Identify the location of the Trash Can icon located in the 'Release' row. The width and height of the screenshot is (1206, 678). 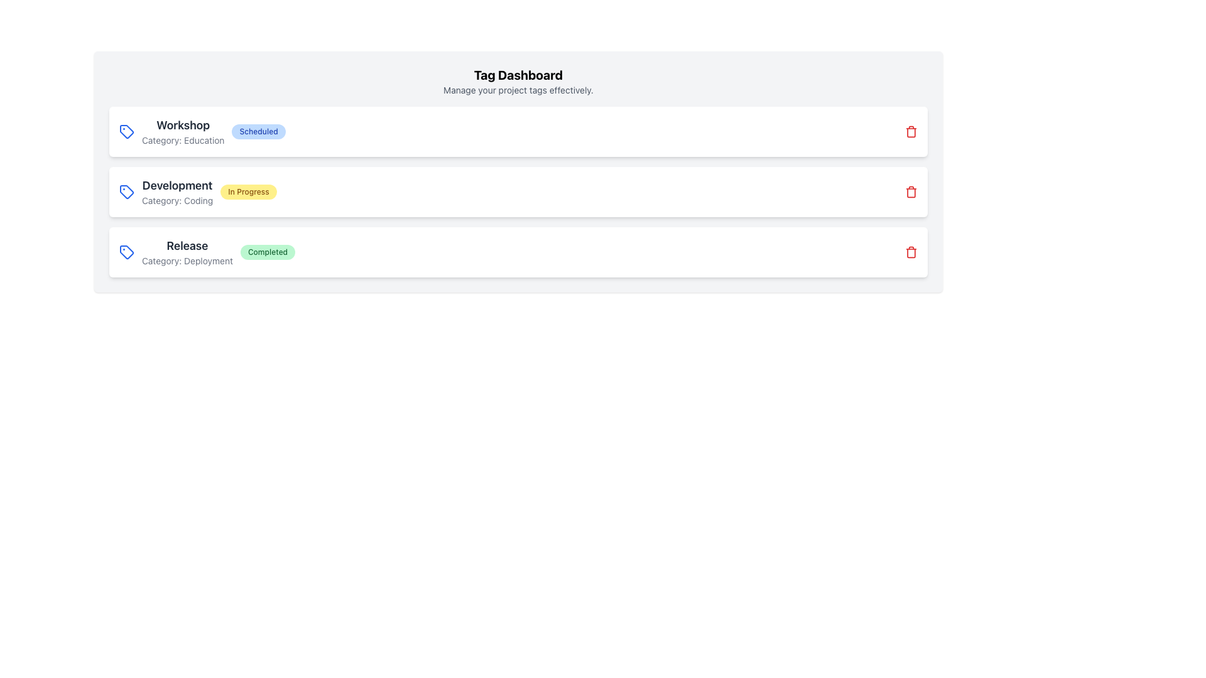
(911, 193).